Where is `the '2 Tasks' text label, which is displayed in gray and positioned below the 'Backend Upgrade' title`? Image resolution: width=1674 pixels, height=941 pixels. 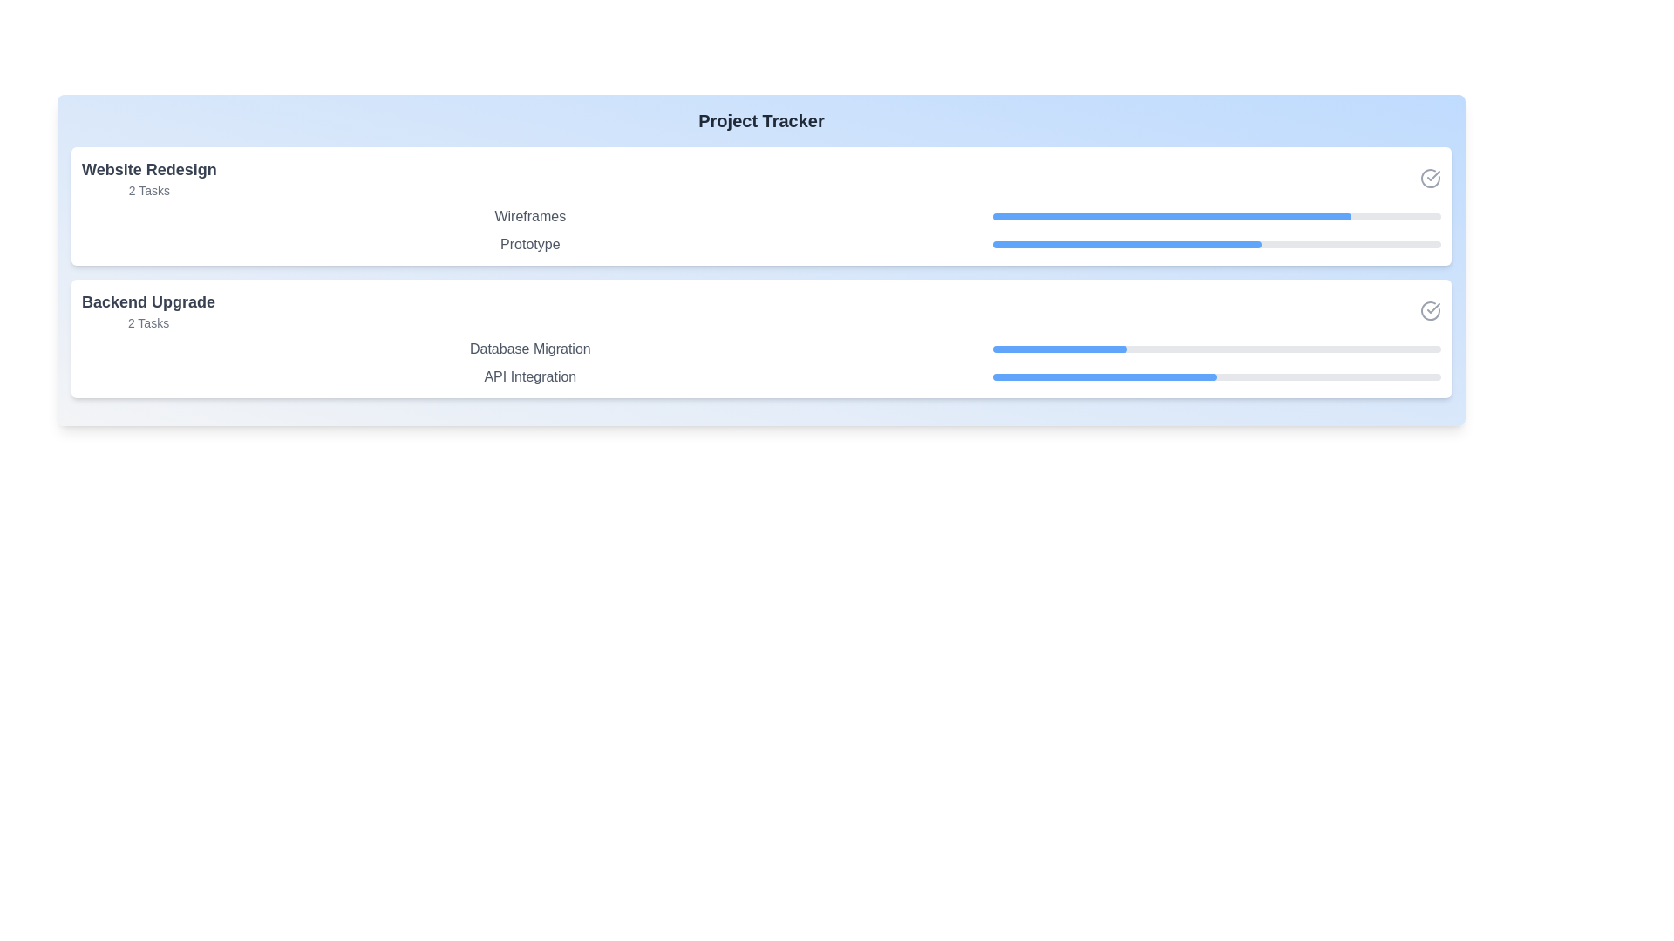 the '2 Tasks' text label, which is displayed in gray and positioned below the 'Backend Upgrade' title is located at coordinates (148, 322).